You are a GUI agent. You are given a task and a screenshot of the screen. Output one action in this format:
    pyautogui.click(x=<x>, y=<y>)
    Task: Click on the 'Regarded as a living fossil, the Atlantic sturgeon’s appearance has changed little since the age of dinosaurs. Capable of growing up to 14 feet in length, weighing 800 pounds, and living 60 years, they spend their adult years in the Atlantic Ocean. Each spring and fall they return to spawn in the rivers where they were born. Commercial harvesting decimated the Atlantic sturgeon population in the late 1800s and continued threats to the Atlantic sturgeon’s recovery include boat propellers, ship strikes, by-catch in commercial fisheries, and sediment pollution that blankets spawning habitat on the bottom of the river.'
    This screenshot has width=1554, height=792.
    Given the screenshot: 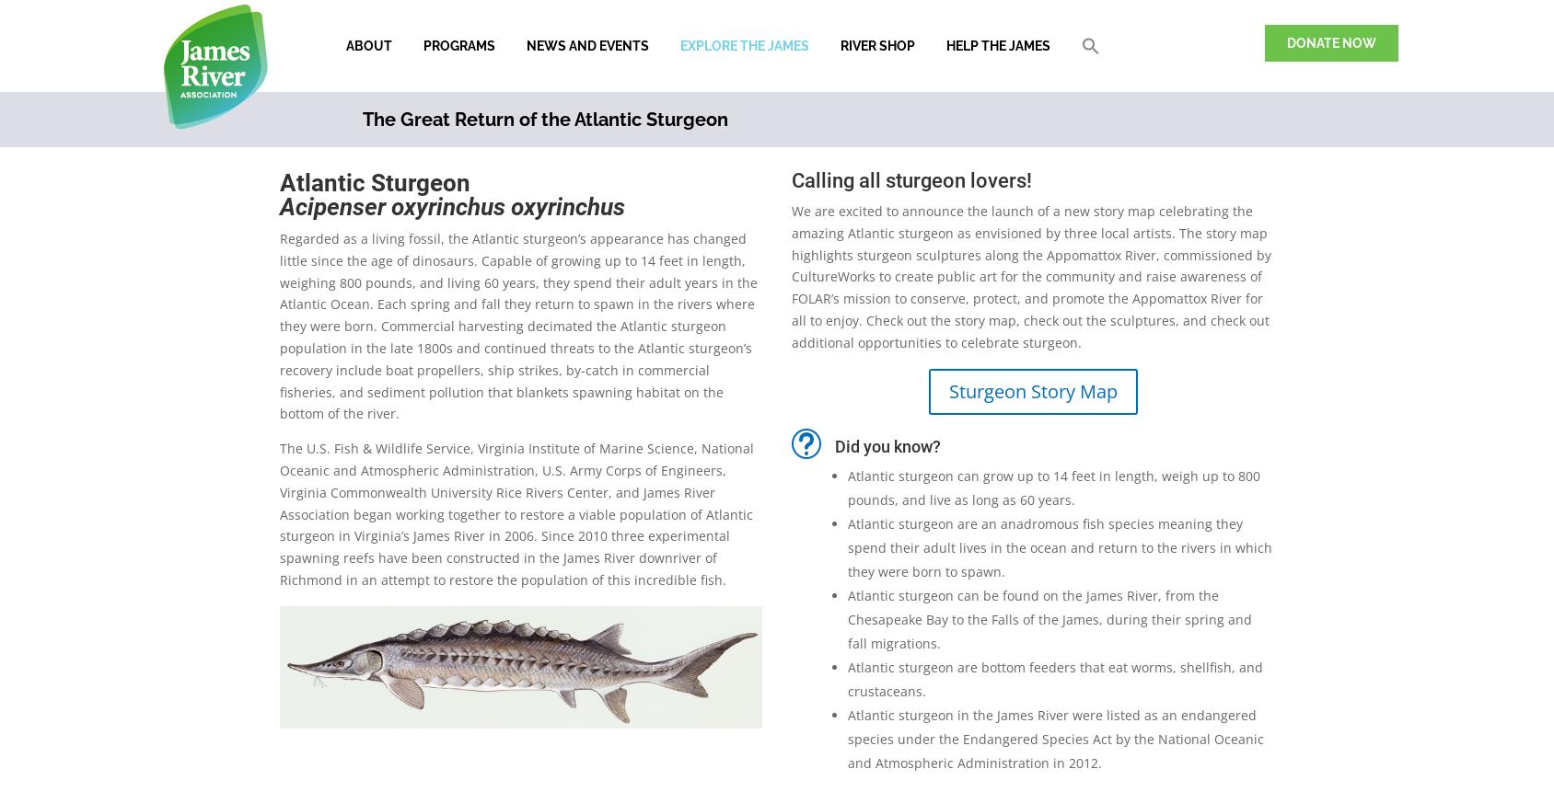 What is the action you would take?
    pyautogui.click(x=279, y=325)
    